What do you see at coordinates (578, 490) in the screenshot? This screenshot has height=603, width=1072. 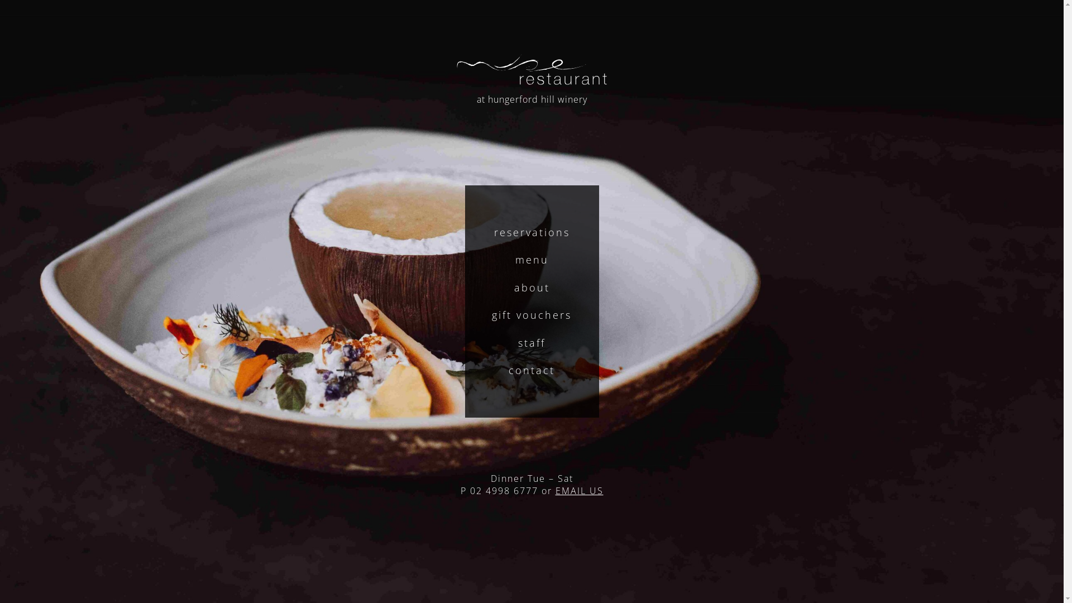 I see `'EMAIL US'` at bounding box center [578, 490].